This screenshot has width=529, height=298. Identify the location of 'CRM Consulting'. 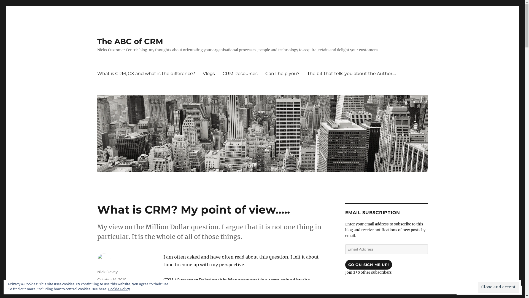
(111, 287).